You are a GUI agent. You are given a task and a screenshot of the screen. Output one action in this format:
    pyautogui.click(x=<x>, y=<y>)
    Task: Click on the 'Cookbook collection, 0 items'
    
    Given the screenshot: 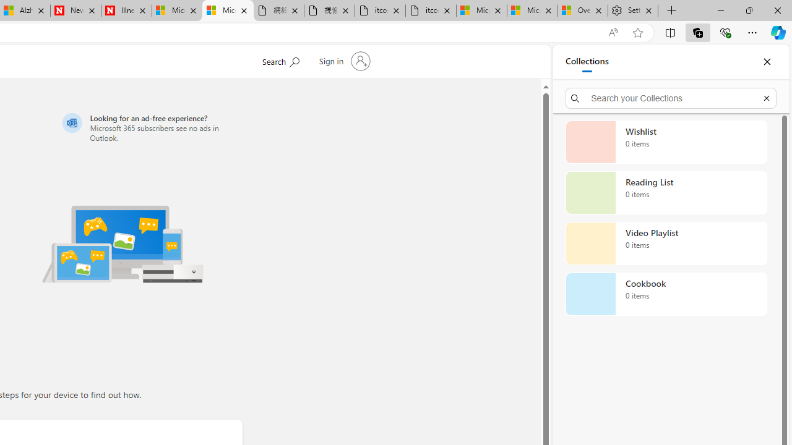 What is the action you would take?
    pyautogui.click(x=666, y=294)
    